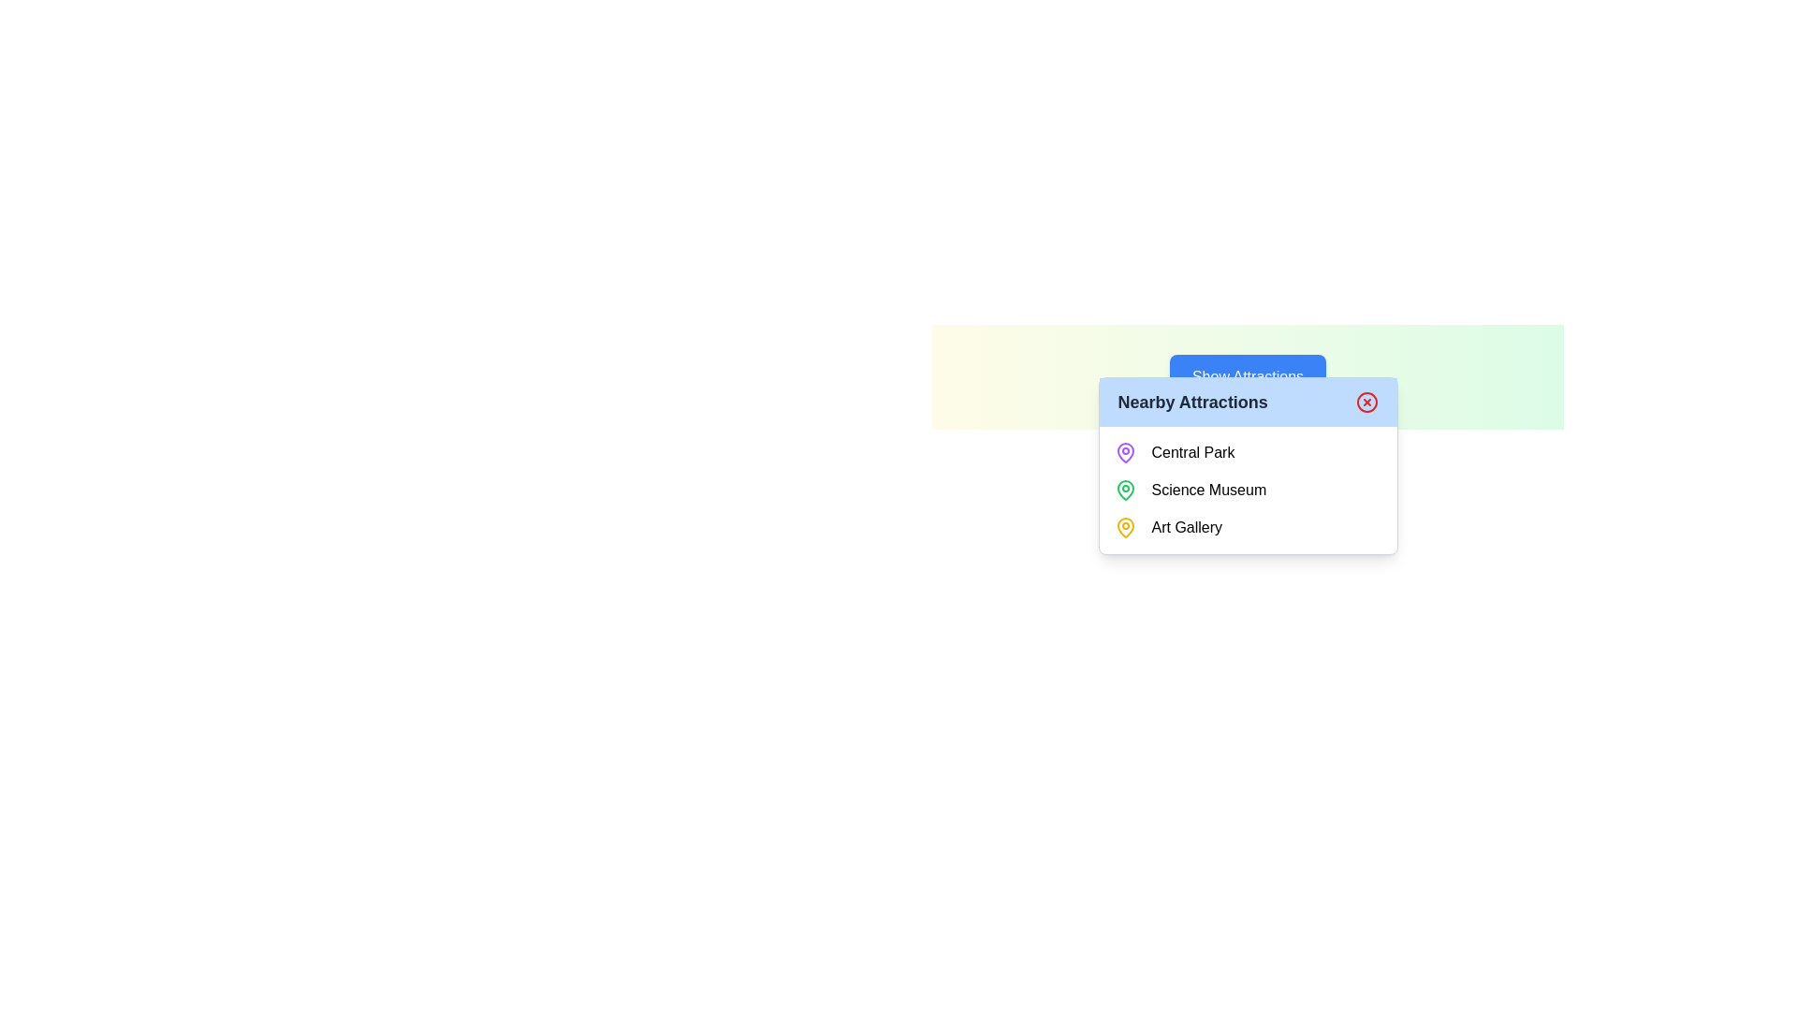 This screenshot has height=1011, width=1797. Describe the element at coordinates (1248, 464) in the screenshot. I see `the dropdown modal component that provides a quick overview of nearby attractions, located beneath the 'Show Attractions' button` at that location.